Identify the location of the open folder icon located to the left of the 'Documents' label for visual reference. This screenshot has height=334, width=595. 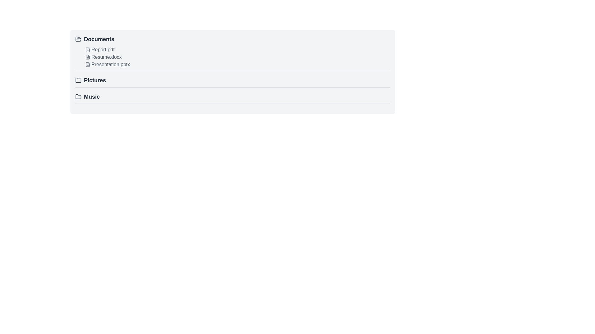
(78, 39).